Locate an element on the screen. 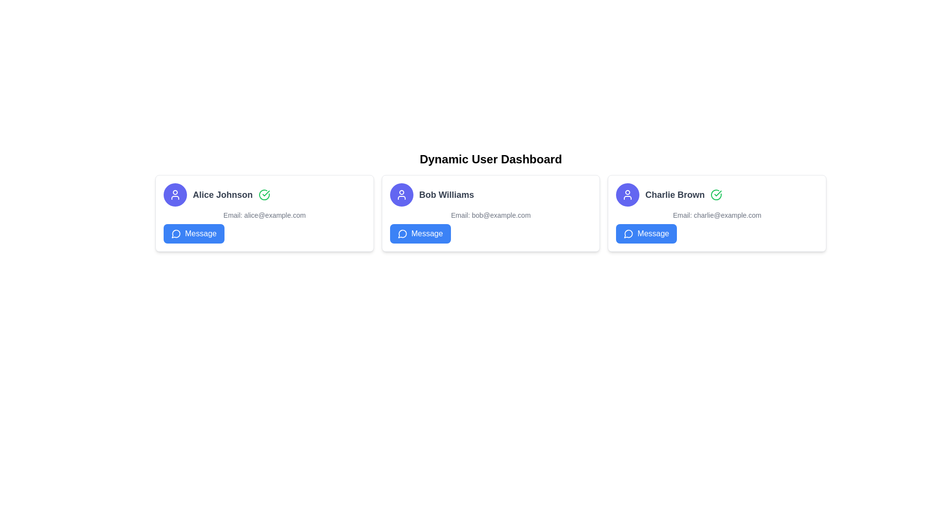 This screenshot has height=525, width=935. text label displaying 'Bob Williams' located in the middle column of the card layout, directly beneath the user profile icon in a purple circle is located at coordinates (446, 195).